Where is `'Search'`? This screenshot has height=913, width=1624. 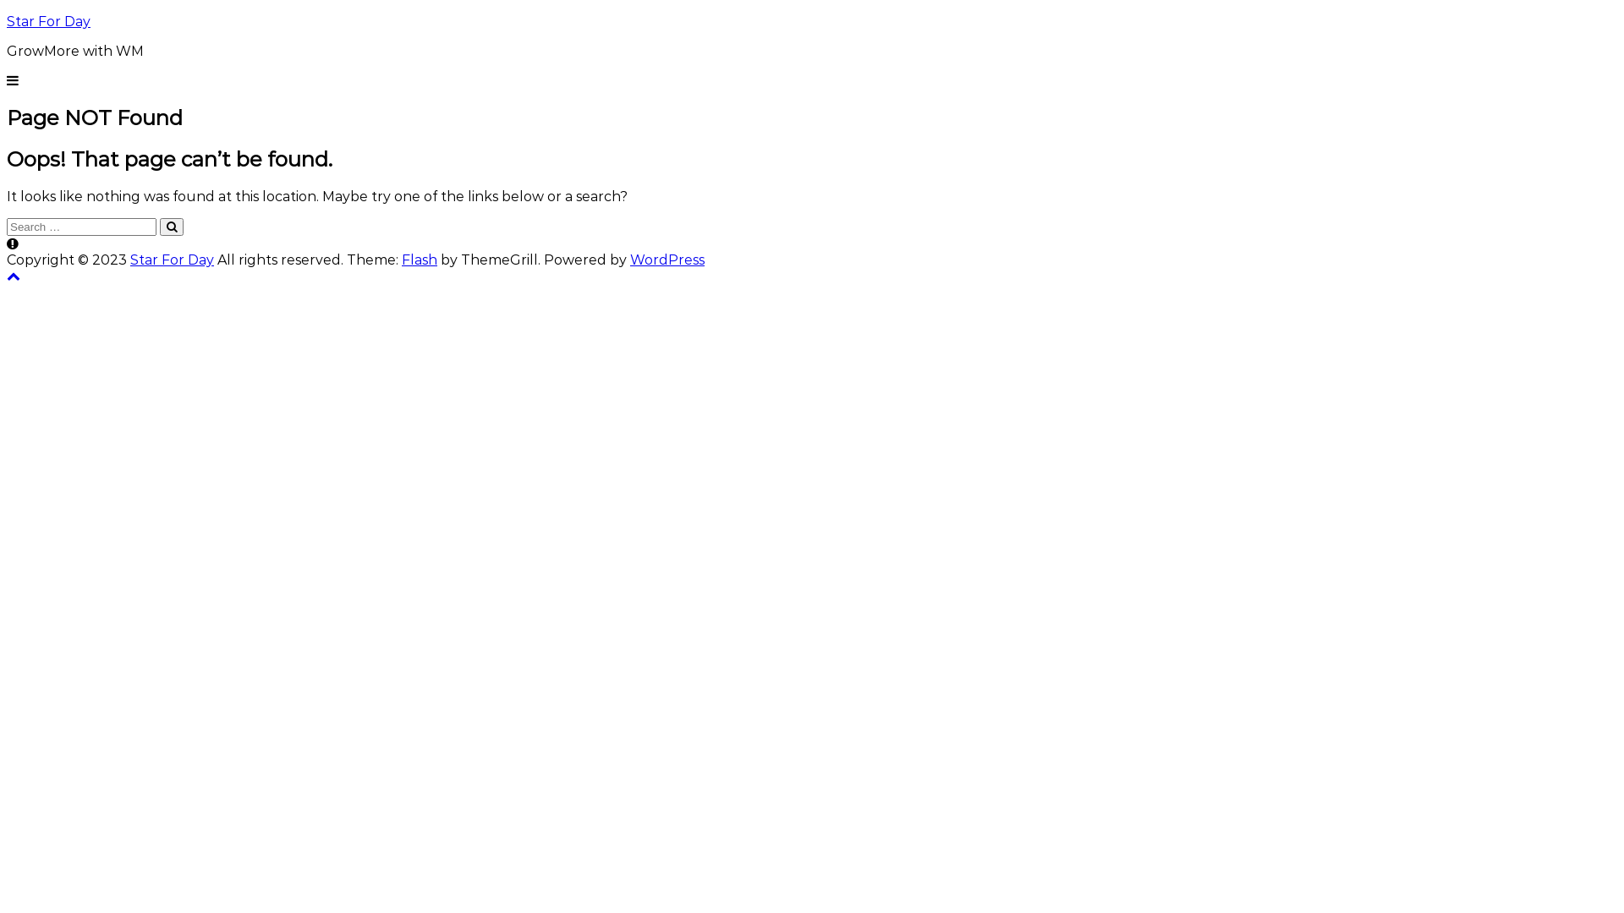 'Search' is located at coordinates (171, 226).